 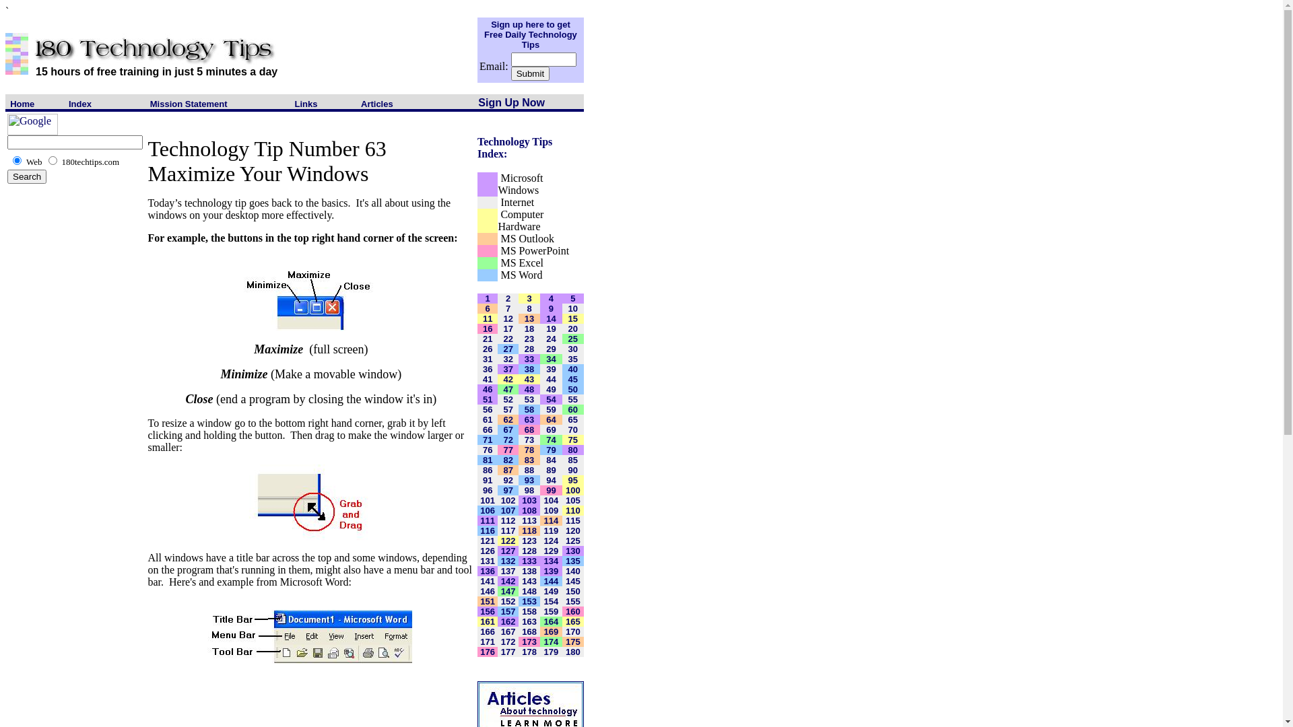 What do you see at coordinates (500, 611) in the screenshot?
I see `'157'` at bounding box center [500, 611].